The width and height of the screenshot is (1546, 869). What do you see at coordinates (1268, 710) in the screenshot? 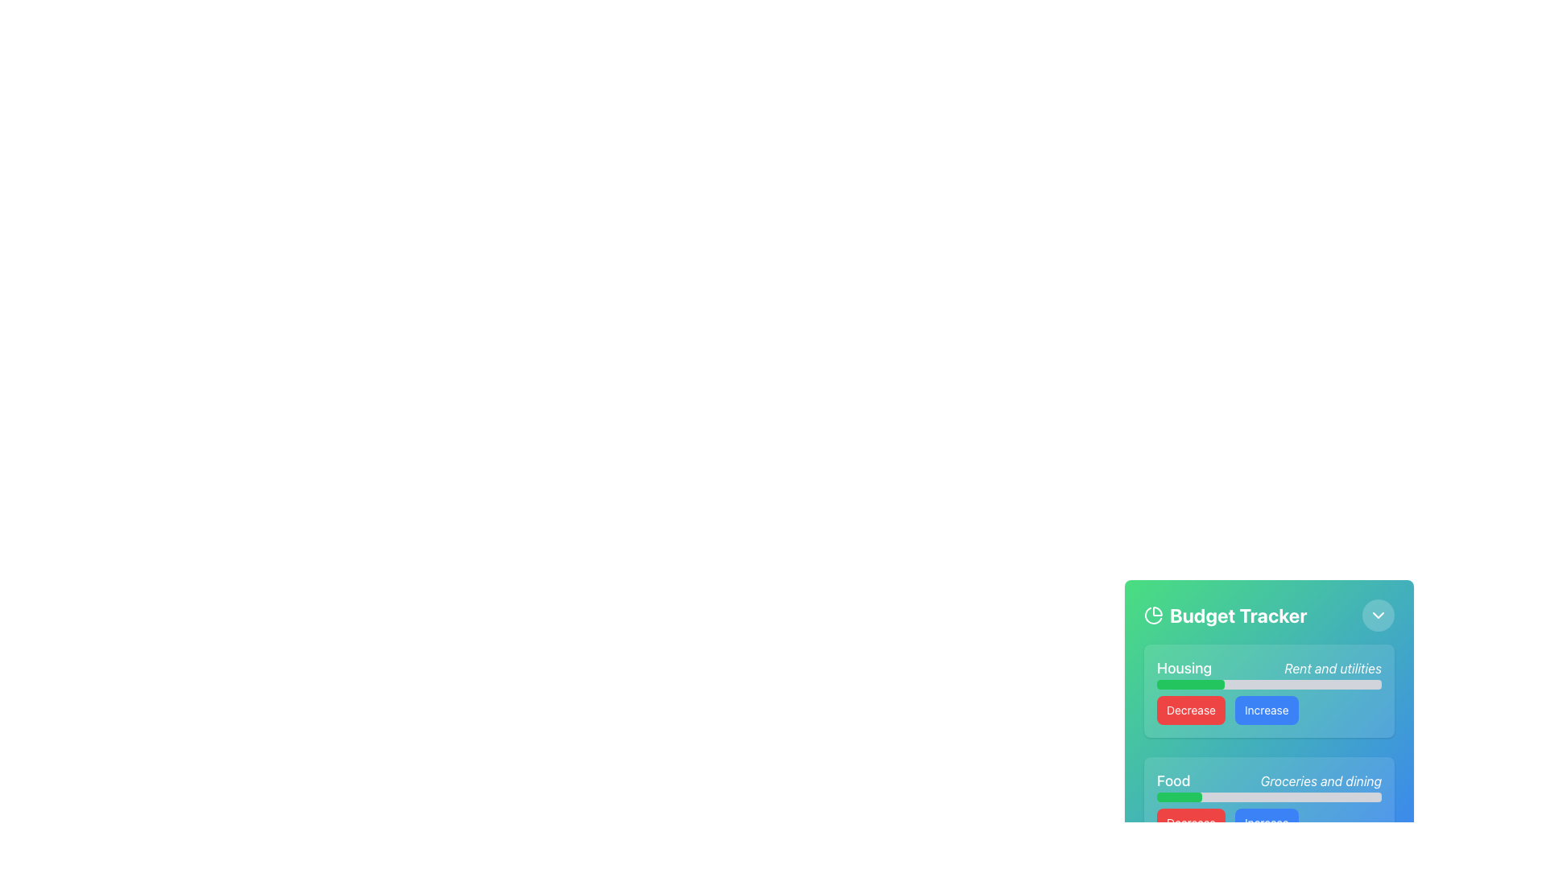
I see `the Button Group containing 'Decrease' and 'Increase' buttons for tooltips or effects` at bounding box center [1268, 710].